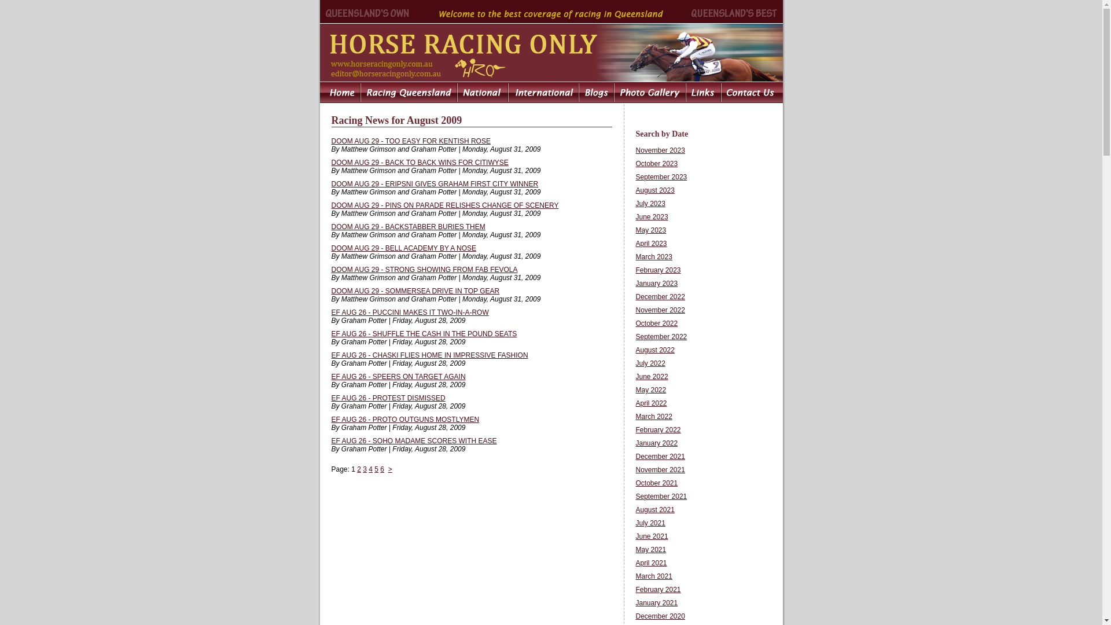  I want to click on 'June 2023', so click(652, 216).